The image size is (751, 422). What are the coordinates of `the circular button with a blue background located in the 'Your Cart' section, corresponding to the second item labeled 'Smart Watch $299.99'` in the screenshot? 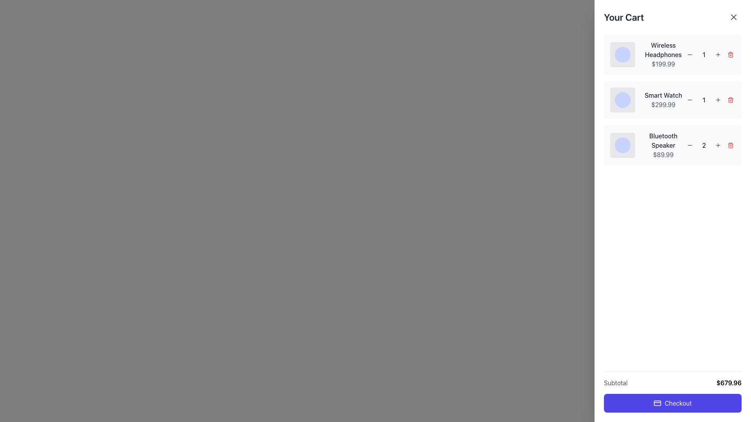 It's located at (622, 99).